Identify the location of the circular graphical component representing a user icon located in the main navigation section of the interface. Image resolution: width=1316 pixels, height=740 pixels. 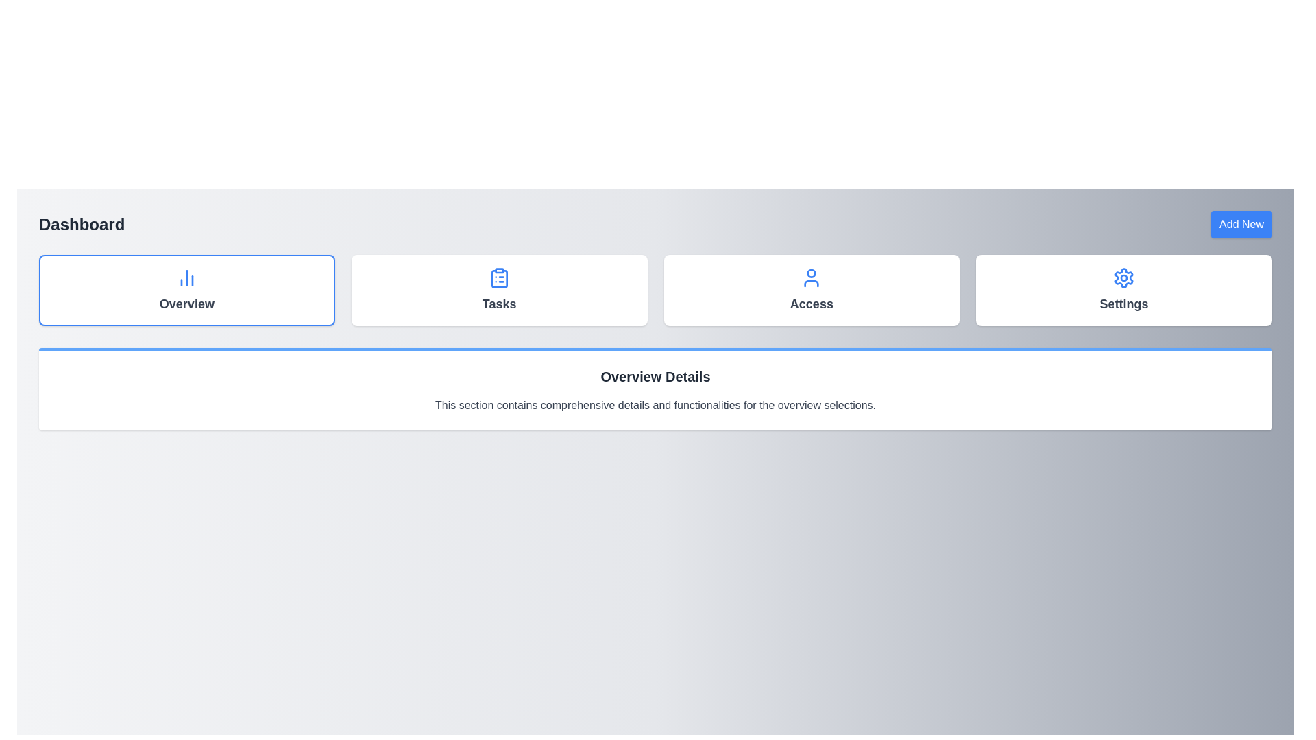
(812, 273).